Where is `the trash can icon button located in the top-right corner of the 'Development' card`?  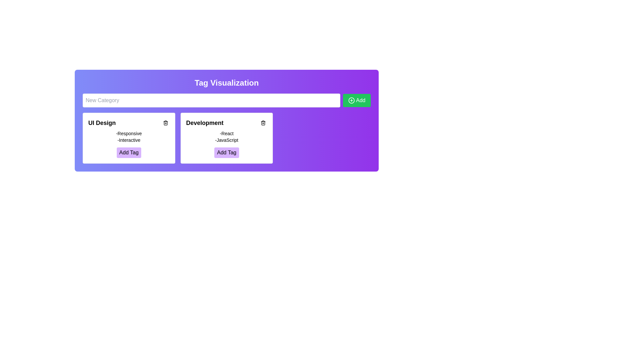 the trash can icon button located in the top-right corner of the 'Development' card is located at coordinates (263, 123).